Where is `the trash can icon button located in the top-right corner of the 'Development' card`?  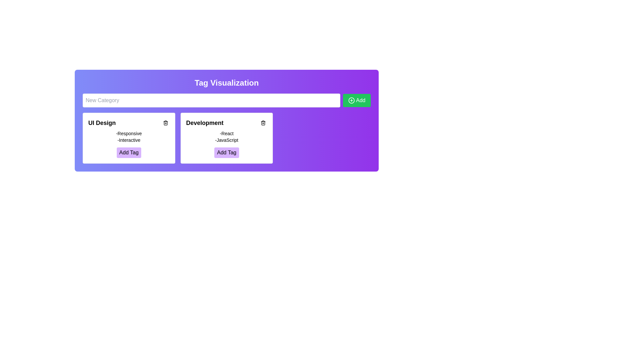 the trash can icon button located in the top-right corner of the 'Development' card is located at coordinates (263, 123).